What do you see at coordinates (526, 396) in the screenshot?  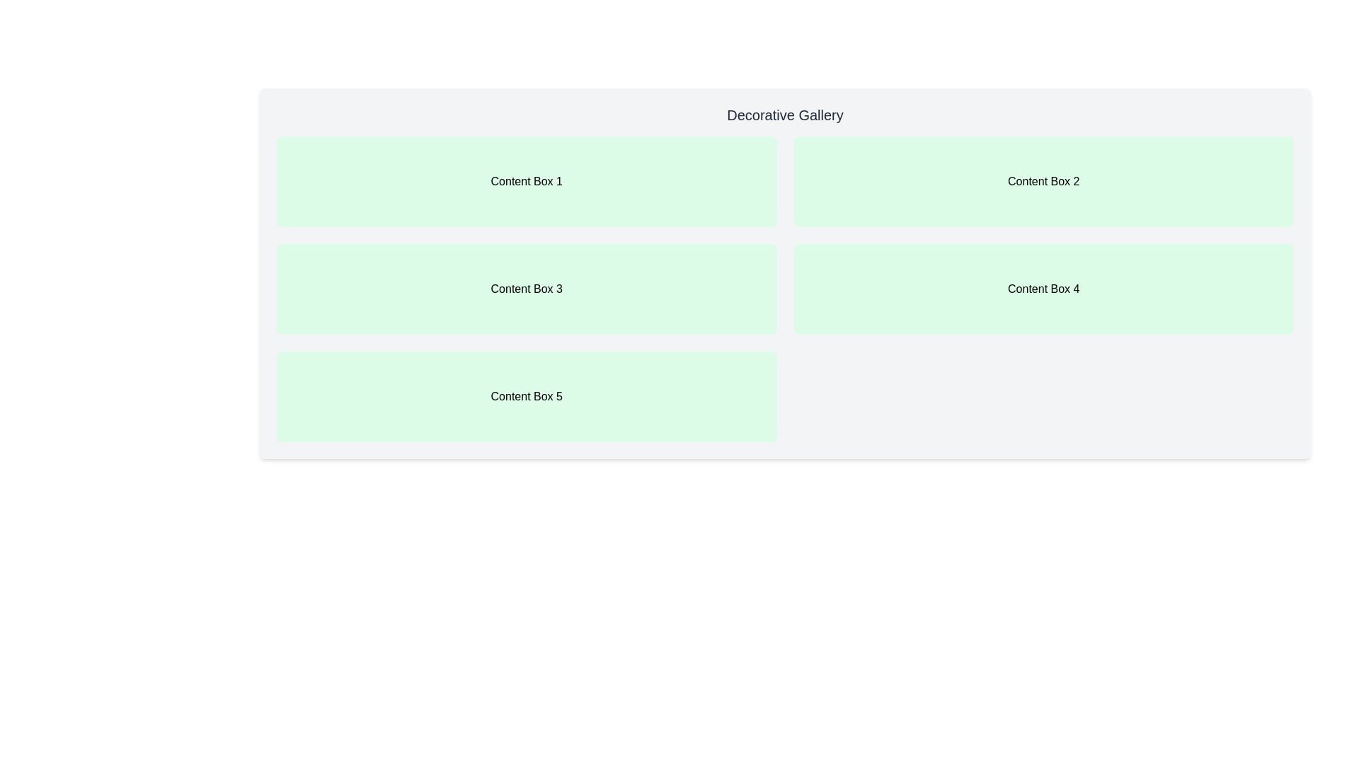 I see `the static content box that displays 'Content Box 5', located at the bottom-left corner of the grid layout` at bounding box center [526, 396].